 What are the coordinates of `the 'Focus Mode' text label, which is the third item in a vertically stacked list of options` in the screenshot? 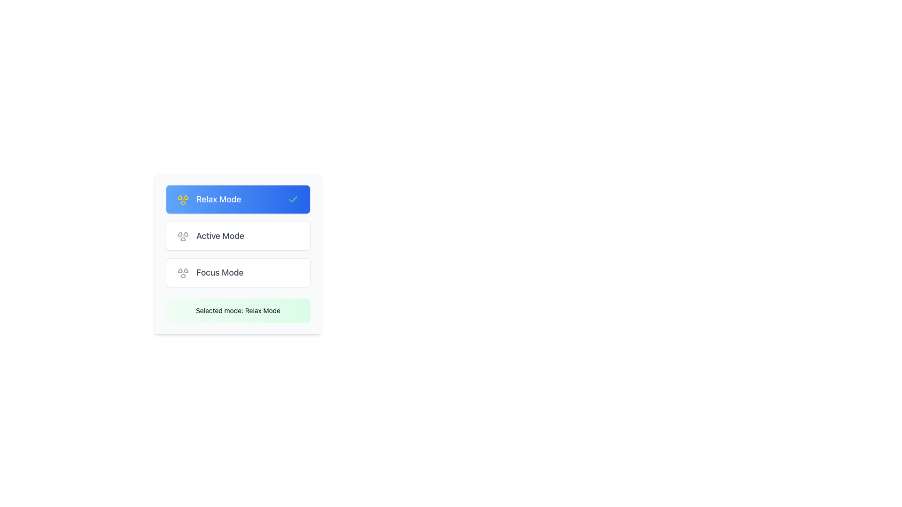 It's located at (219, 273).